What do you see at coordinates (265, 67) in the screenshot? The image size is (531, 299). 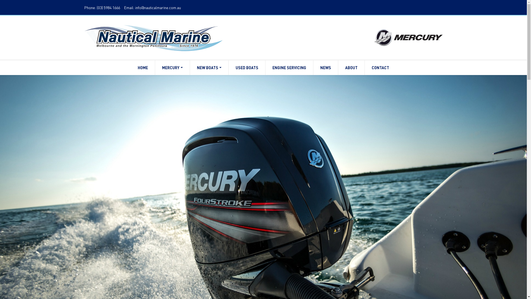 I see `'ENGINE SERVICING'` at bounding box center [265, 67].